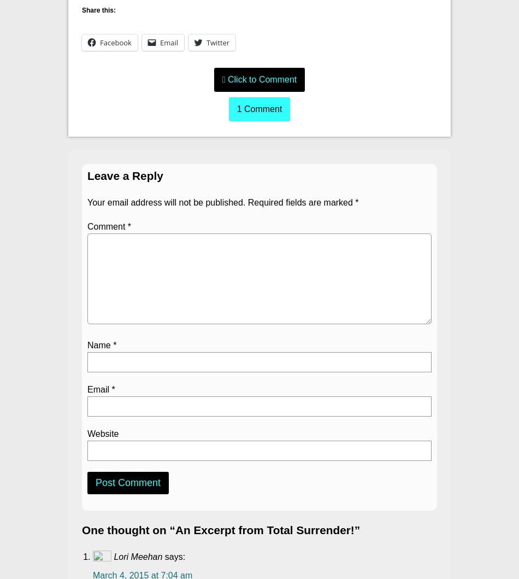 Image resolution: width=519 pixels, height=579 pixels. Describe the element at coordinates (107, 226) in the screenshot. I see `'Comment'` at that location.